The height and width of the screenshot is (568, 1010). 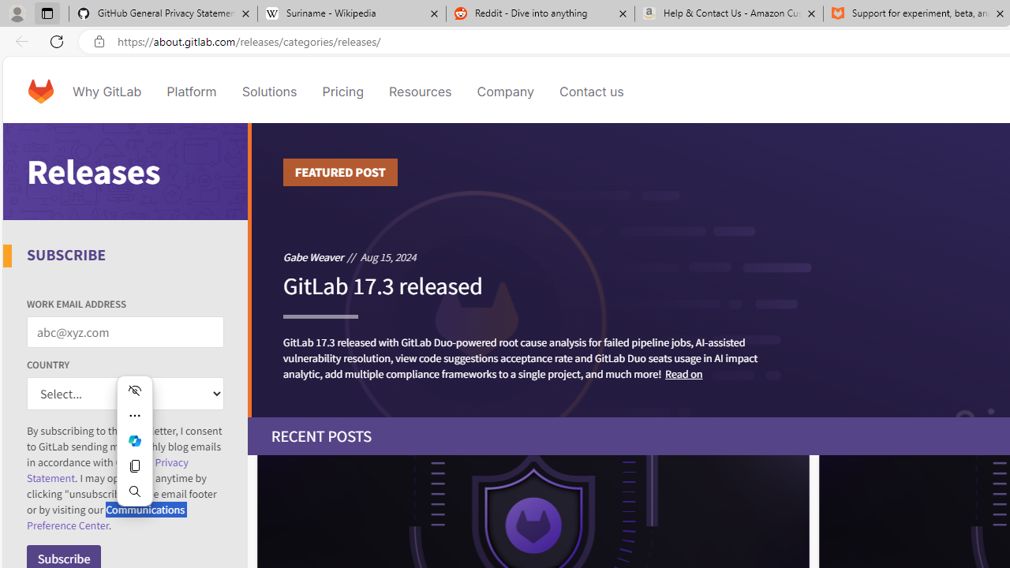 What do you see at coordinates (134, 415) in the screenshot?
I see `'More actions'` at bounding box center [134, 415].